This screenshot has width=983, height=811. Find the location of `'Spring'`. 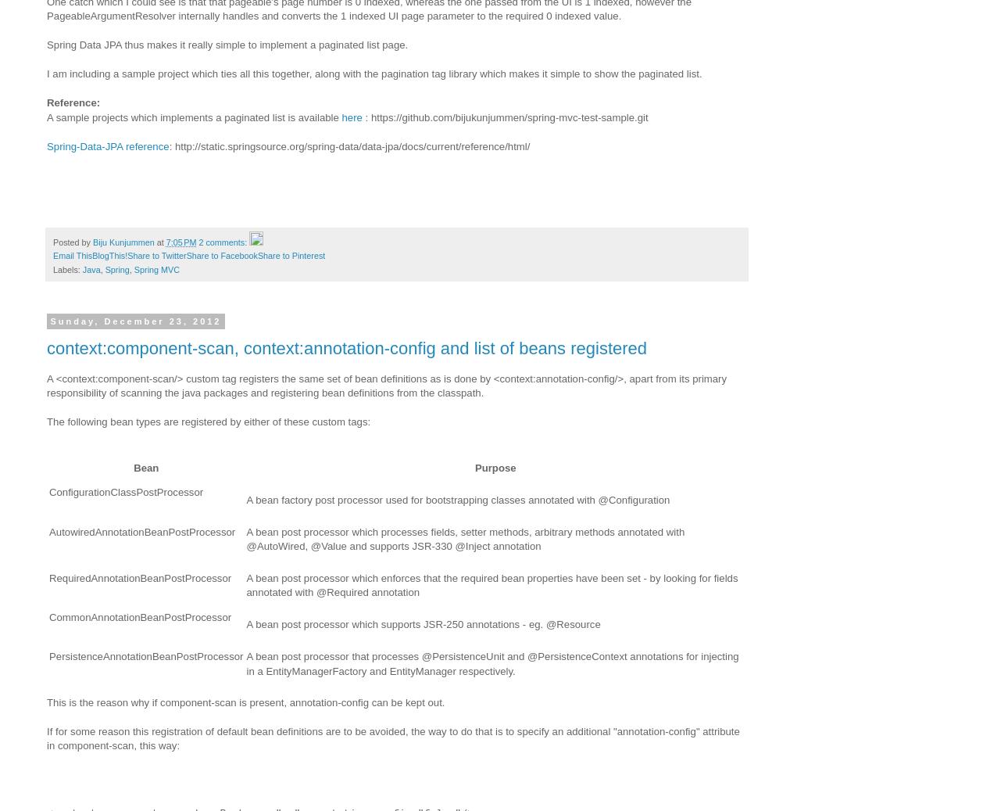

'Spring' is located at coordinates (116, 267).